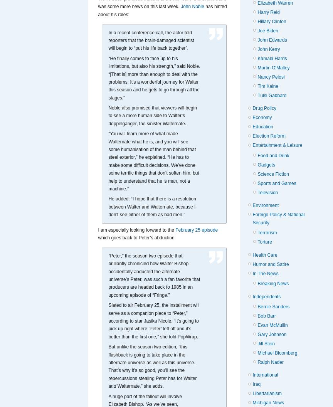  What do you see at coordinates (152, 116) in the screenshot?
I see `'Noble also promised that viewers will begin to see a more human side to Walter’s doppelganger, the sinister Walternate.'` at bounding box center [152, 116].